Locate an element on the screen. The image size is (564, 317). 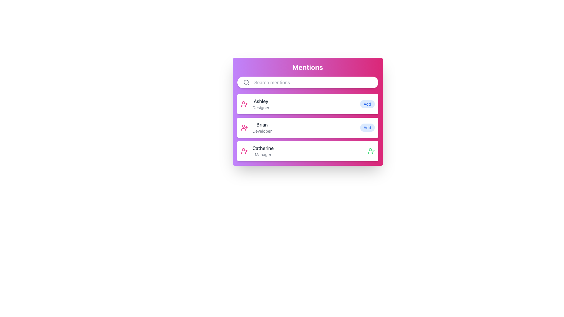
the pink user icon with a plus sign, located within Brian's user profile card is located at coordinates (244, 127).